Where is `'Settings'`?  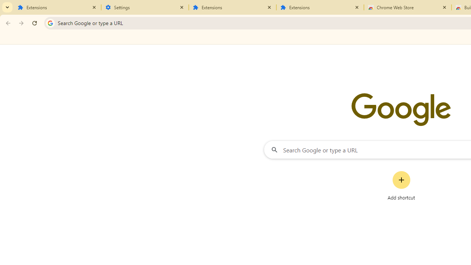
'Settings' is located at coordinates (145, 7).